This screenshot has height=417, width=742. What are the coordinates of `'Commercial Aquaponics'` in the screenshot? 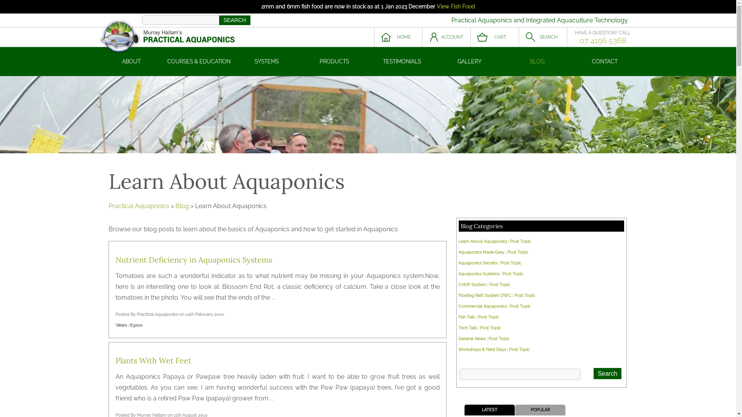 It's located at (482, 306).